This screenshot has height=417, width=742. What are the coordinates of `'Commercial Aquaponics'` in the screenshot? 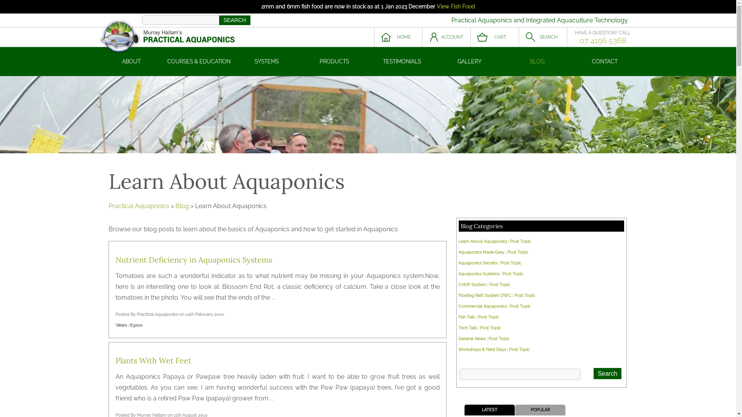 It's located at (482, 306).